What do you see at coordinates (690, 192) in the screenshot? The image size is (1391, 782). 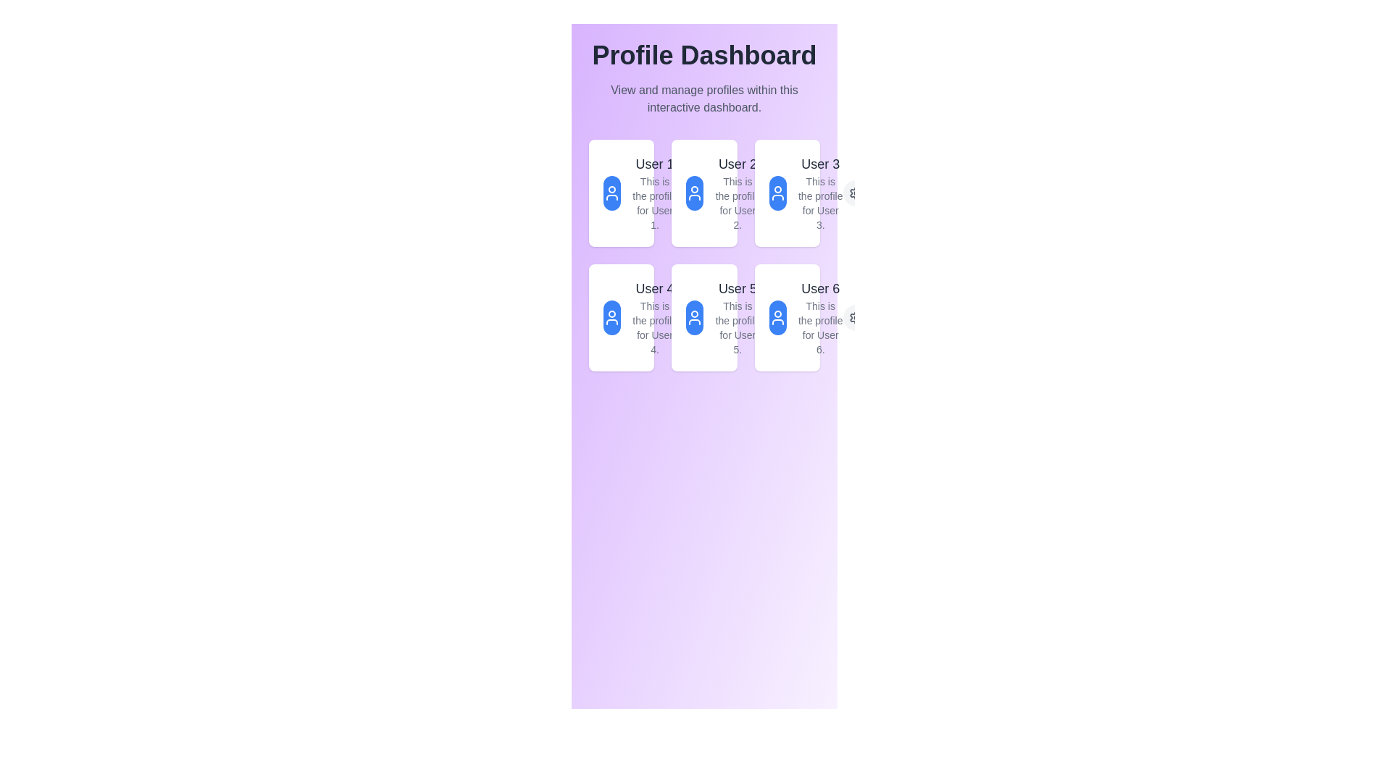 I see `the gear icon button for settings related to 'User 2'` at bounding box center [690, 192].